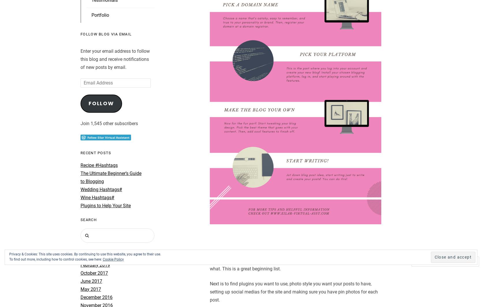  I want to click on 'Recent Posts', so click(95, 152).